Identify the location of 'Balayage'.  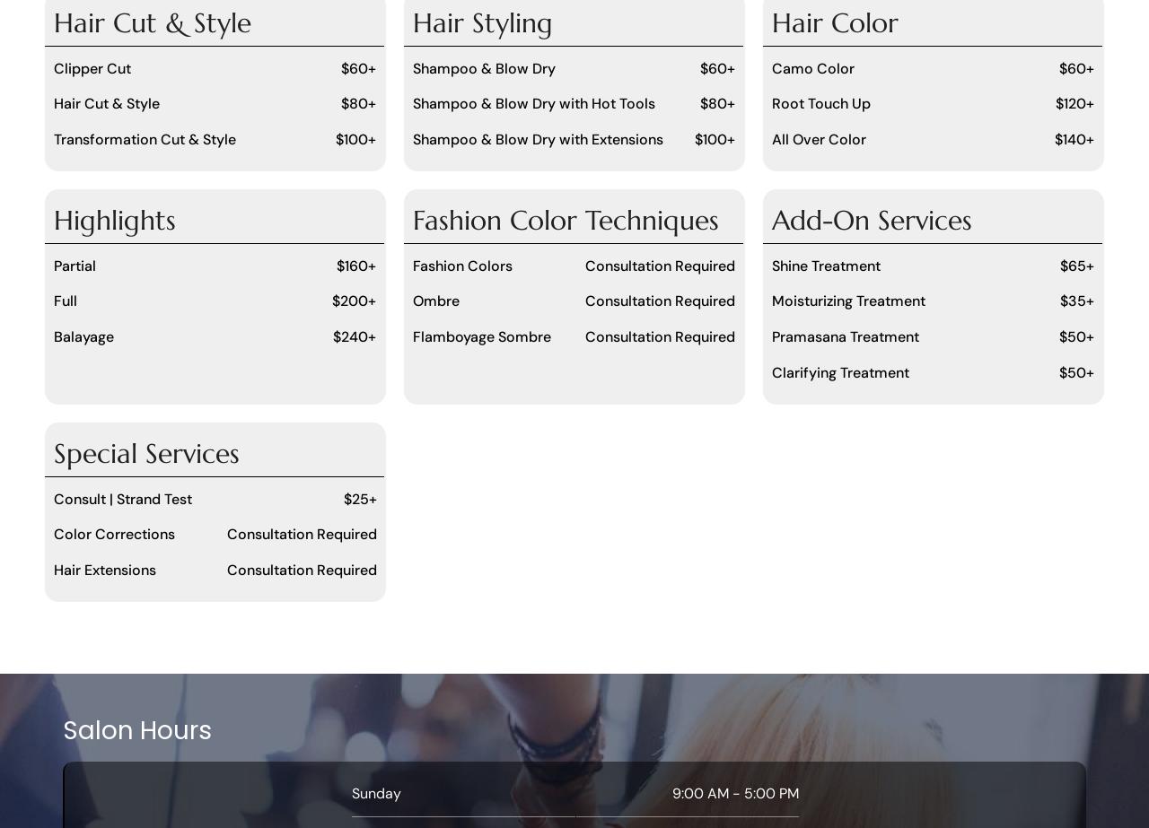
(83, 336).